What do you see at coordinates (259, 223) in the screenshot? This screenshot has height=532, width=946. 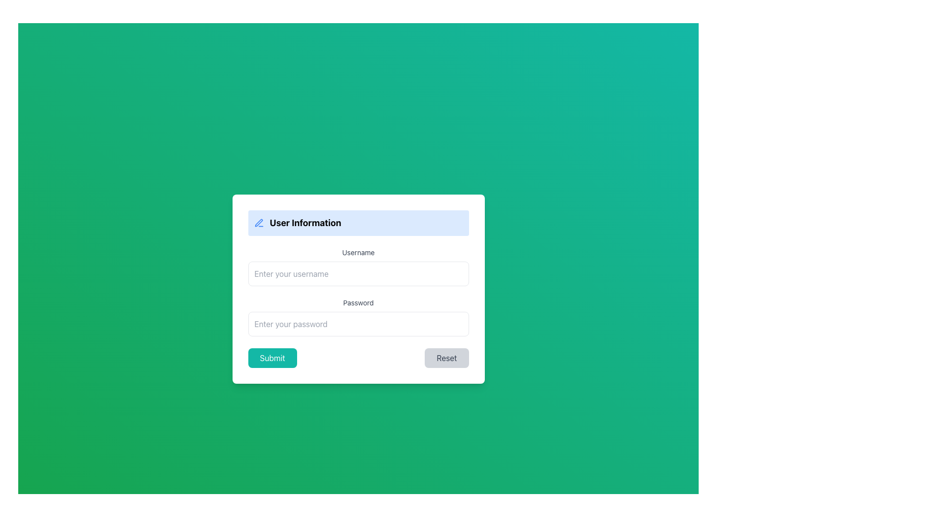 I see `the pen-like icon with a blue outline located in the 'User Information' section of the interface` at bounding box center [259, 223].